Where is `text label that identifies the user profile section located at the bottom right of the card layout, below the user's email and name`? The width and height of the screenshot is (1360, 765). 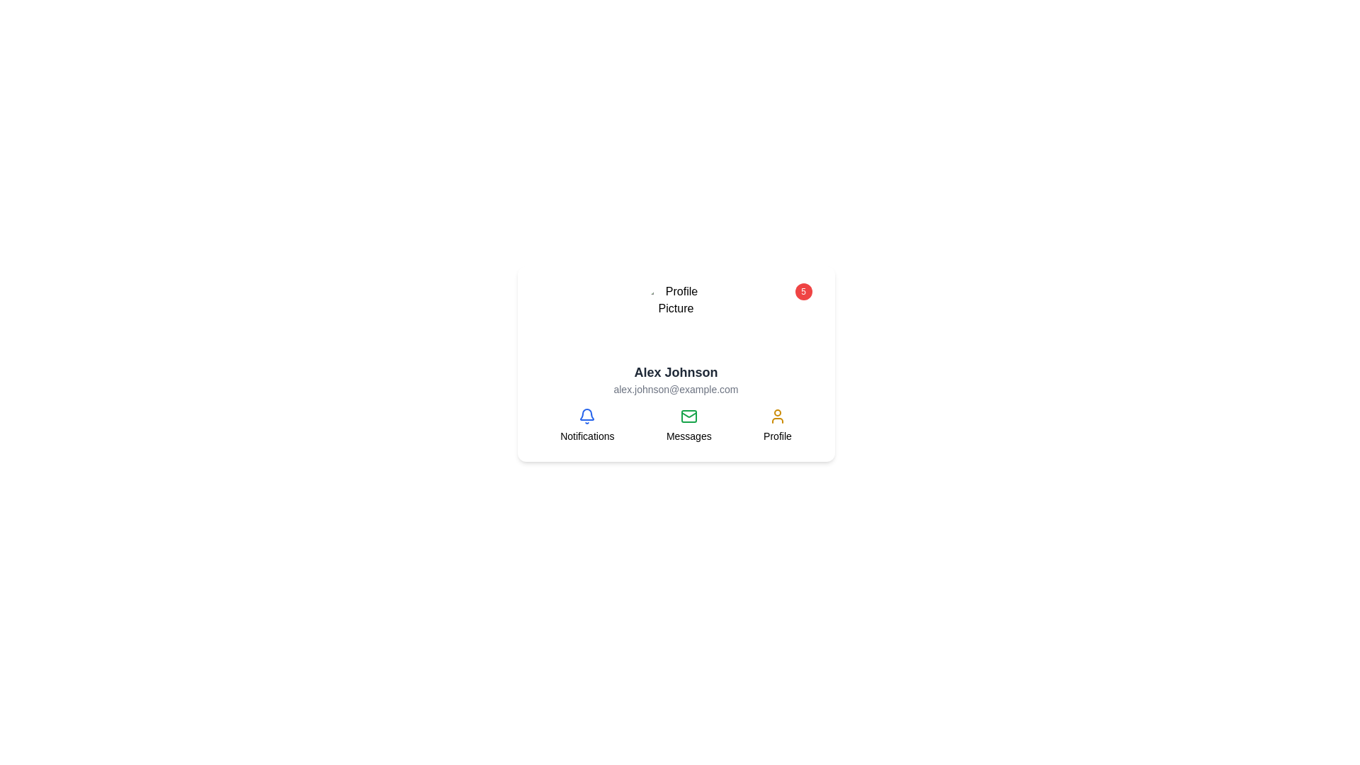 text label that identifies the user profile section located at the bottom right of the card layout, below the user's email and name is located at coordinates (776, 436).